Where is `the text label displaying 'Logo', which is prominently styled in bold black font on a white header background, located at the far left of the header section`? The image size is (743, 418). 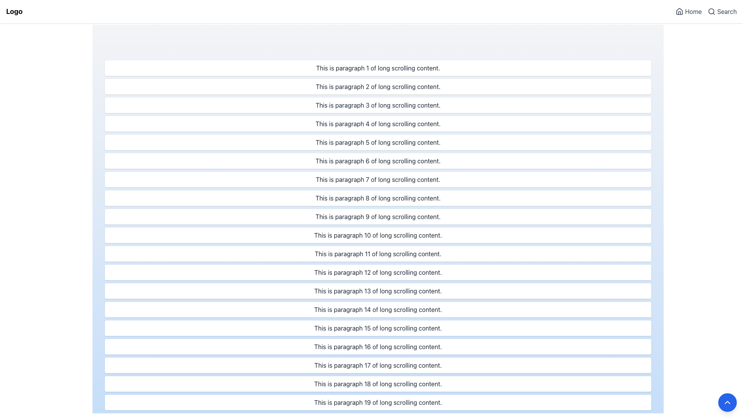
the text label displaying 'Logo', which is prominently styled in bold black font on a white header background, located at the far left of the header section is located at coordinates (14, 12).